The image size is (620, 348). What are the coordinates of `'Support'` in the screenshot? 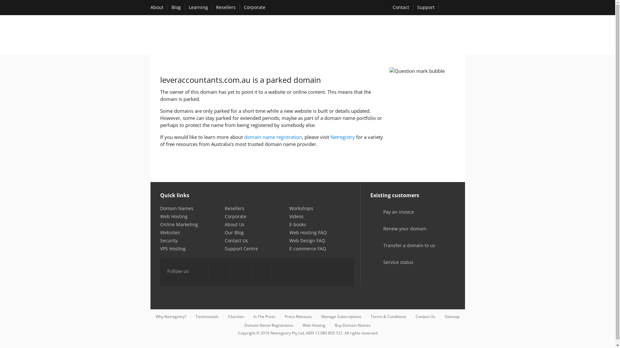 It's located at (426, 7).